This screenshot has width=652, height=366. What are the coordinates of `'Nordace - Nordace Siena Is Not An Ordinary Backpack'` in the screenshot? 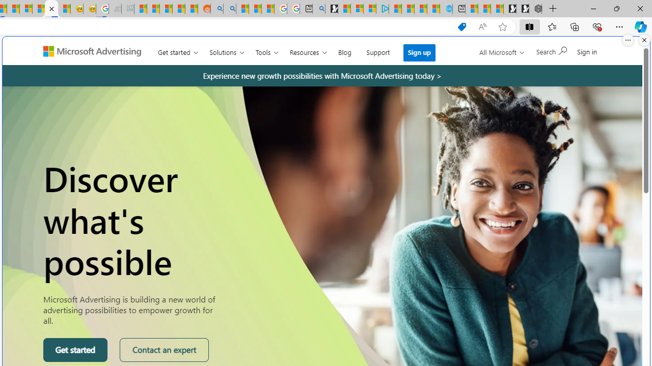 It's located at (535, 9).